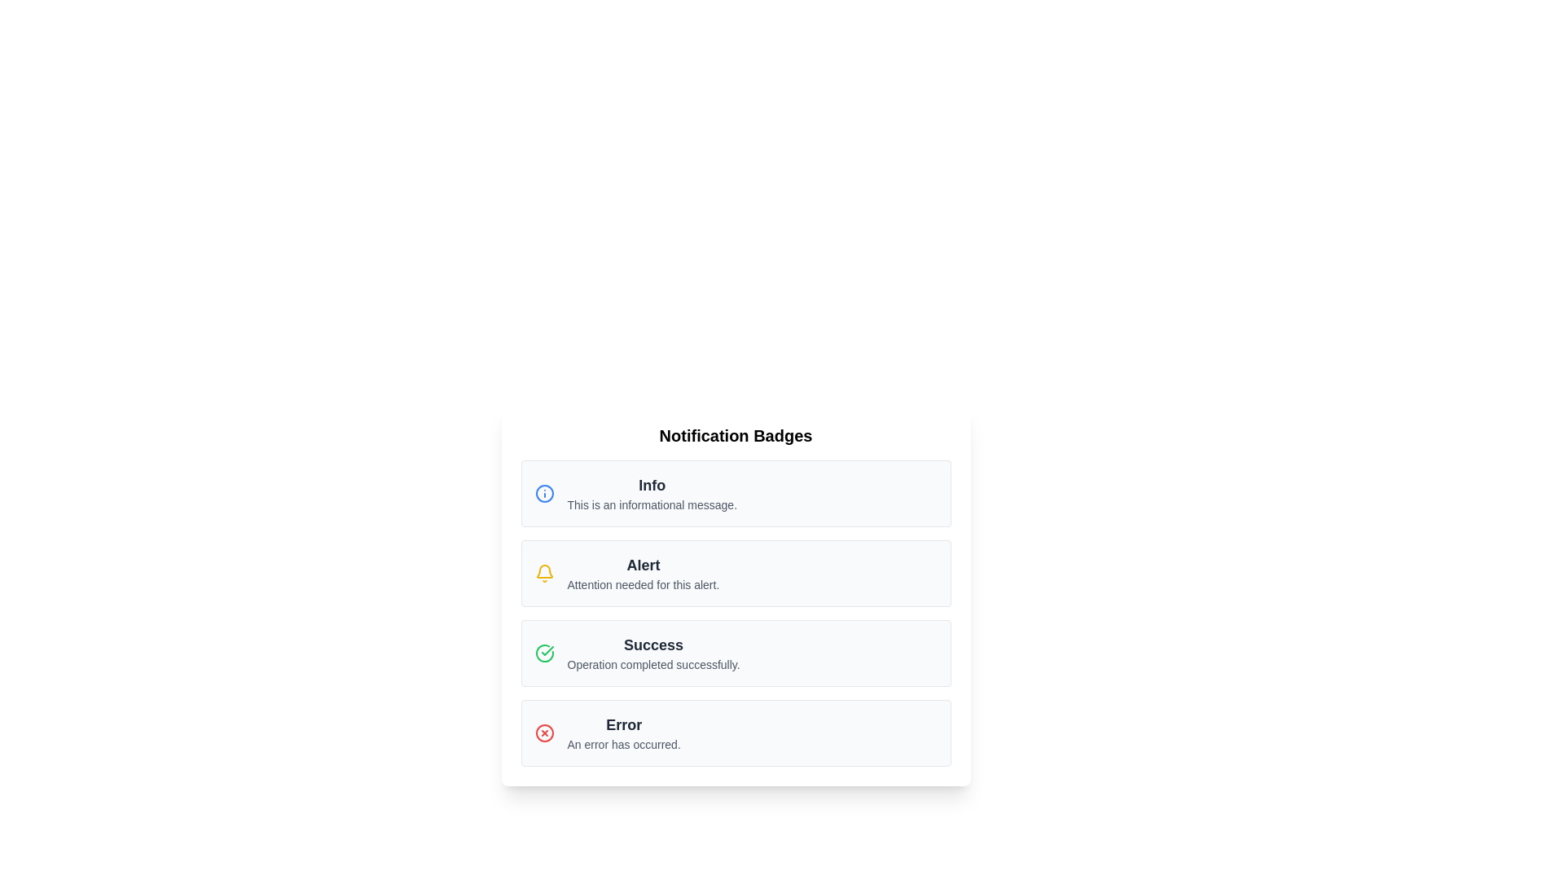 The image size is (1564, 880). What do you see at coordinates (735, 435) in the screenshot?
I see `text header labeled 'Notification Badges', which is displayed in a bold, large font at the top of the list section` at bounding box center [735, 435].